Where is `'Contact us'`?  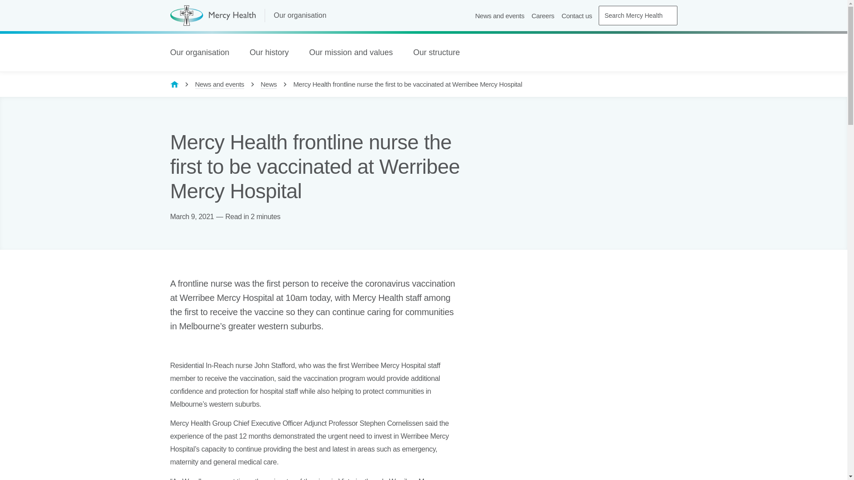
'Contact us' is located at coordinates (576, 15).